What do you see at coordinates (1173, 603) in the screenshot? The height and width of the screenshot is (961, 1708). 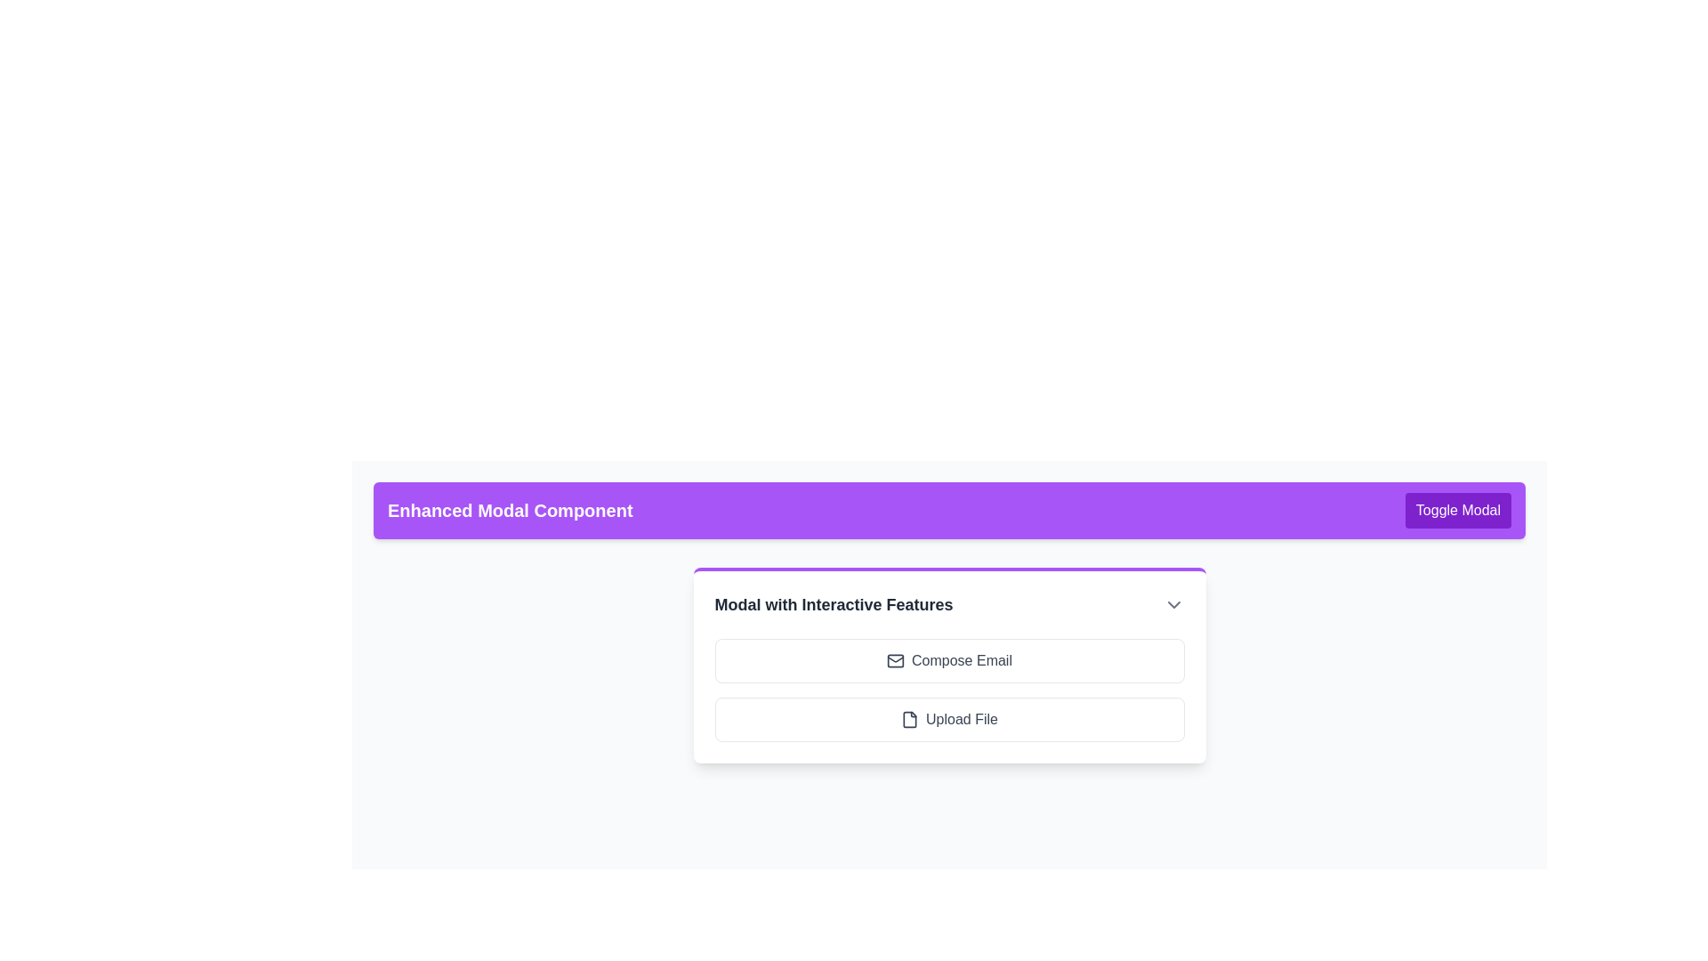 I see `the downward-pointing gray Chevron icon located in the top-right corner of the modal header titled 'Modal with Interactive Features'` at bounding box center [1173, 603].